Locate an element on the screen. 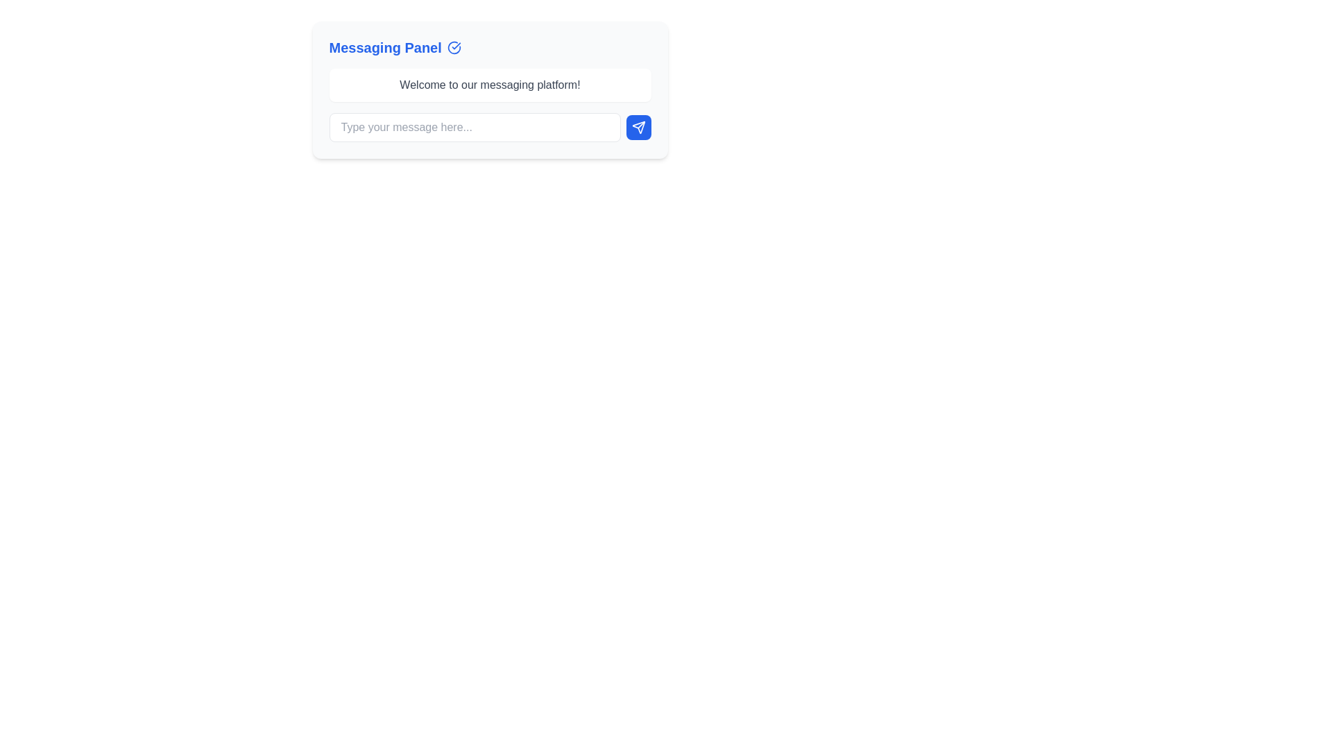 The width and height of the screenshot is (1332, 749). the send button located in the messaging input panel is located at coordinates (638, 128).